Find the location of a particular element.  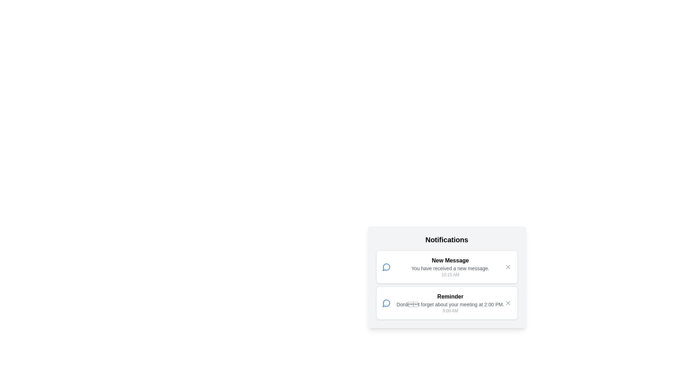

the notification titled 'New Message' is located at coordinates (446, 267).